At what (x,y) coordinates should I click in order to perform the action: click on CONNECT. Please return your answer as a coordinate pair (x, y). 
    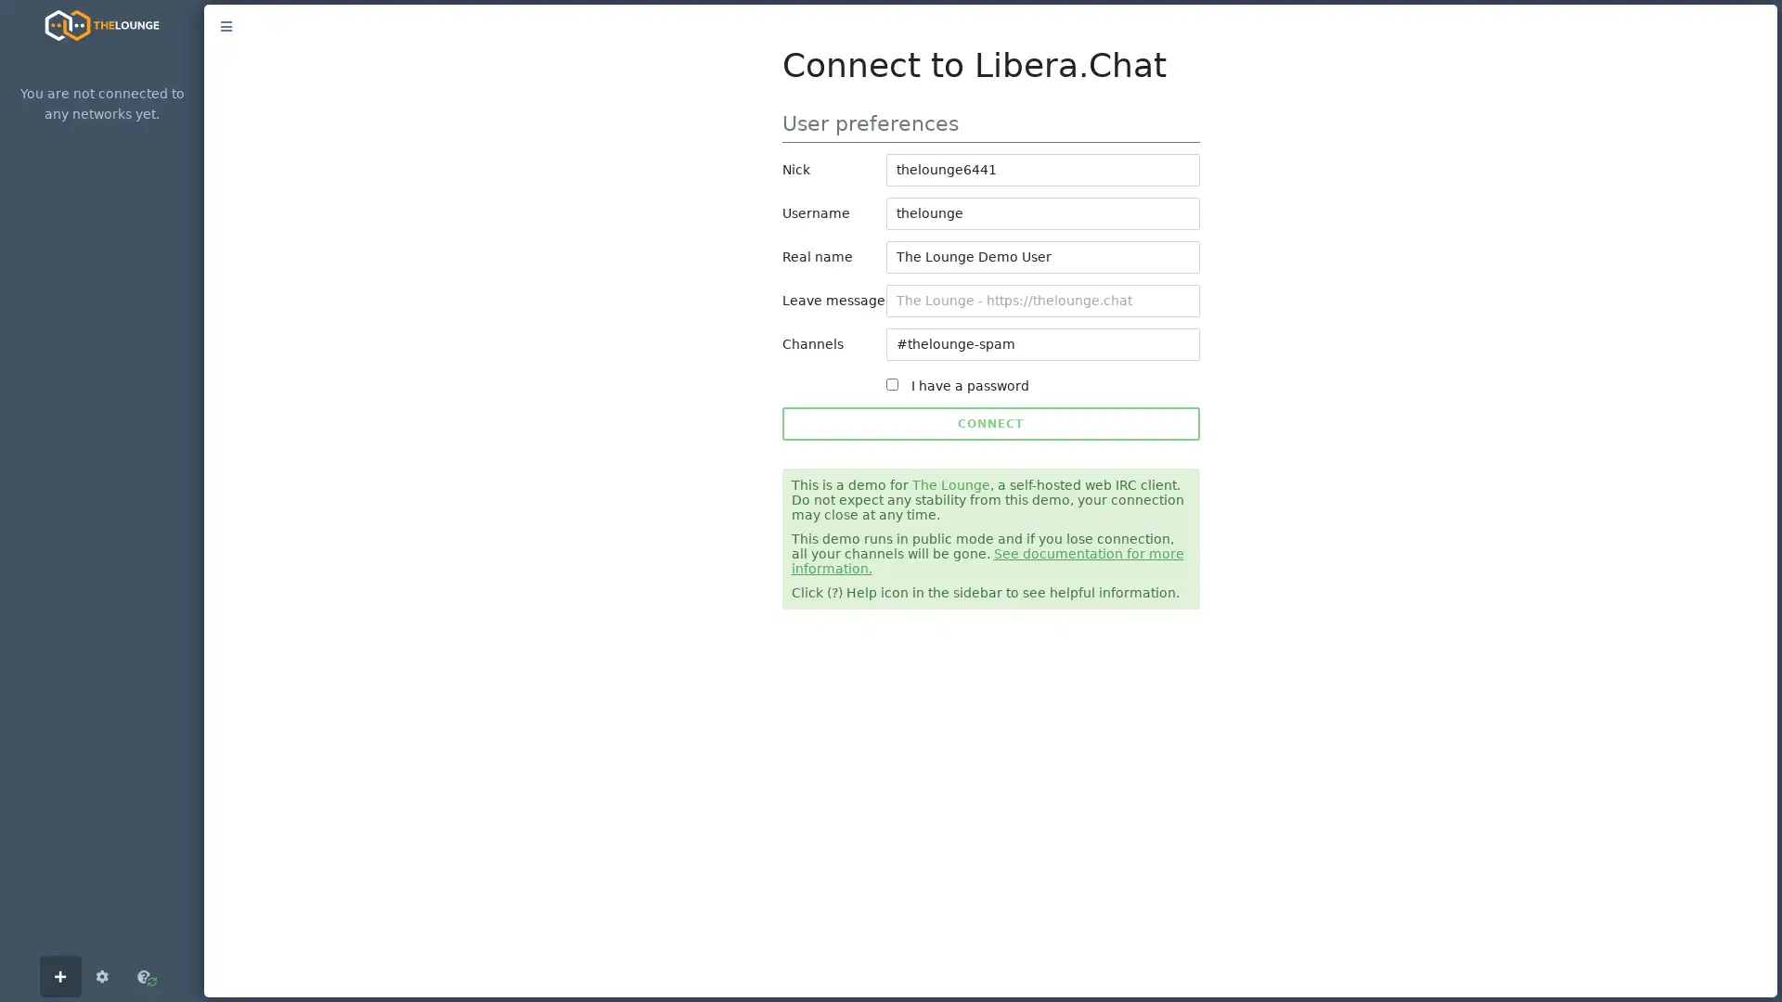
    Looking at the image, I should click on (988, 423).